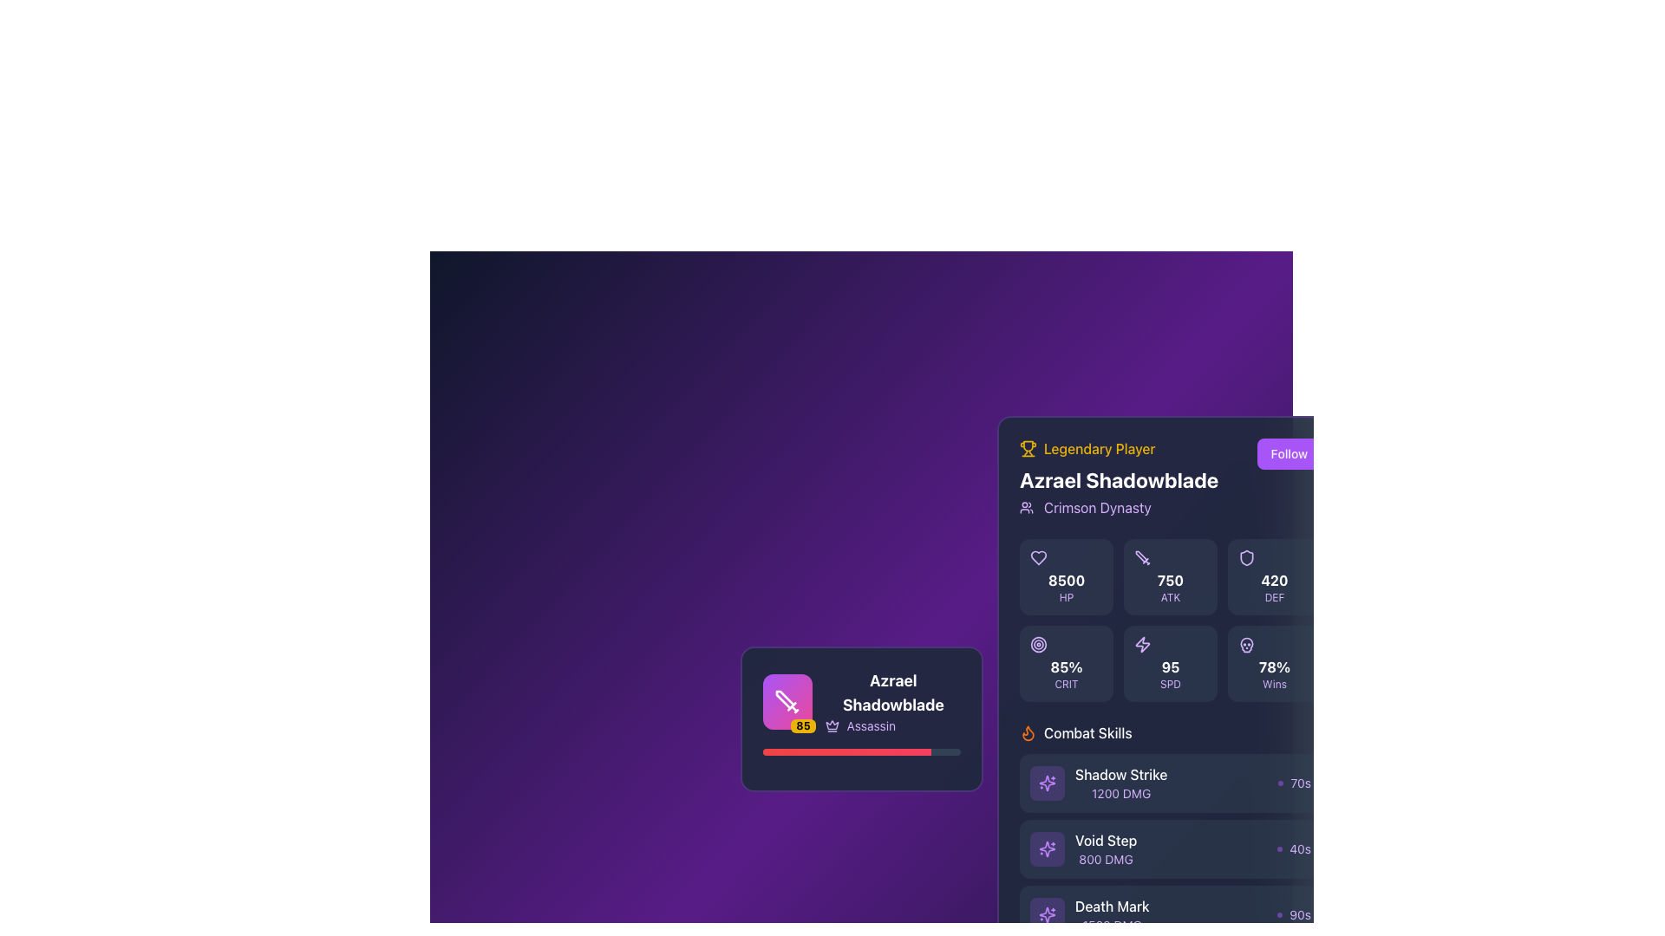 This screenshot has height=936, width=1665. What do you see at coordinates (1294, 848) in the screenshot?
I see `the cooldown indicator text label with icon for the 'Void Step' ability located on the right side of the 'Void Step' entry in the 'Combat Skills' section` at bounding box center [1294, 848].